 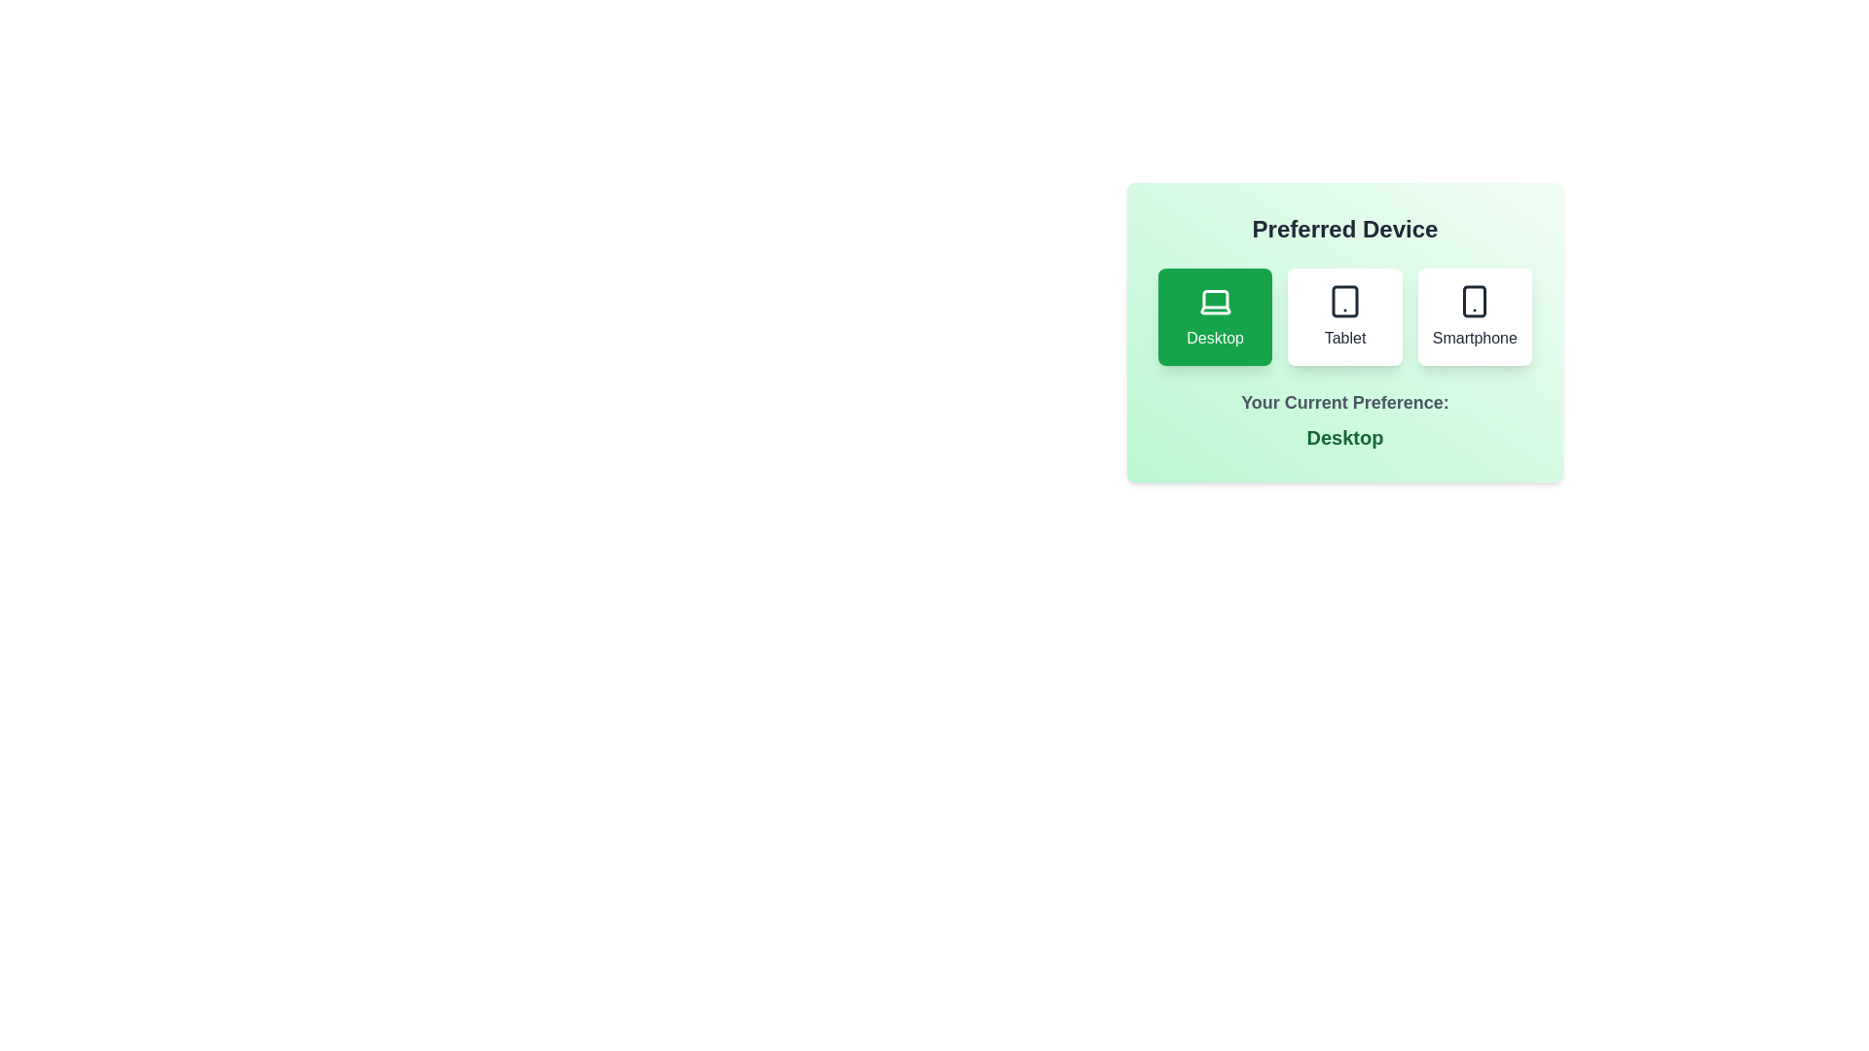 What do you see at coordinates (1475, 316) in the screenshot?
I see `the button corresponding to the device Smartphone` at bounding box center [1475, 316].